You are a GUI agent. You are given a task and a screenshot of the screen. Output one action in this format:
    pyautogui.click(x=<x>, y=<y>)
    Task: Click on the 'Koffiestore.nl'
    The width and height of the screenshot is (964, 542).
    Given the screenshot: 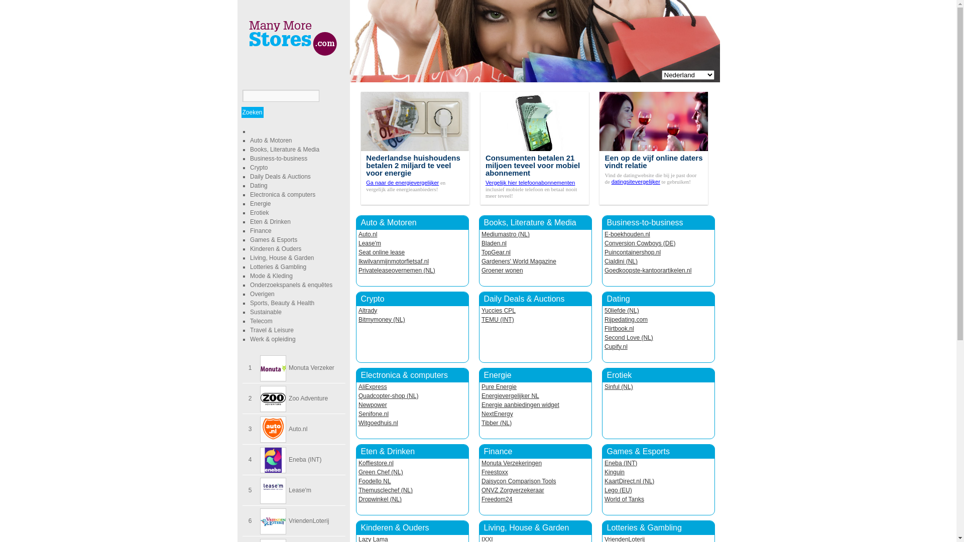 What is the action you would take?
    pyautogui.click(x=358, y=463)
    